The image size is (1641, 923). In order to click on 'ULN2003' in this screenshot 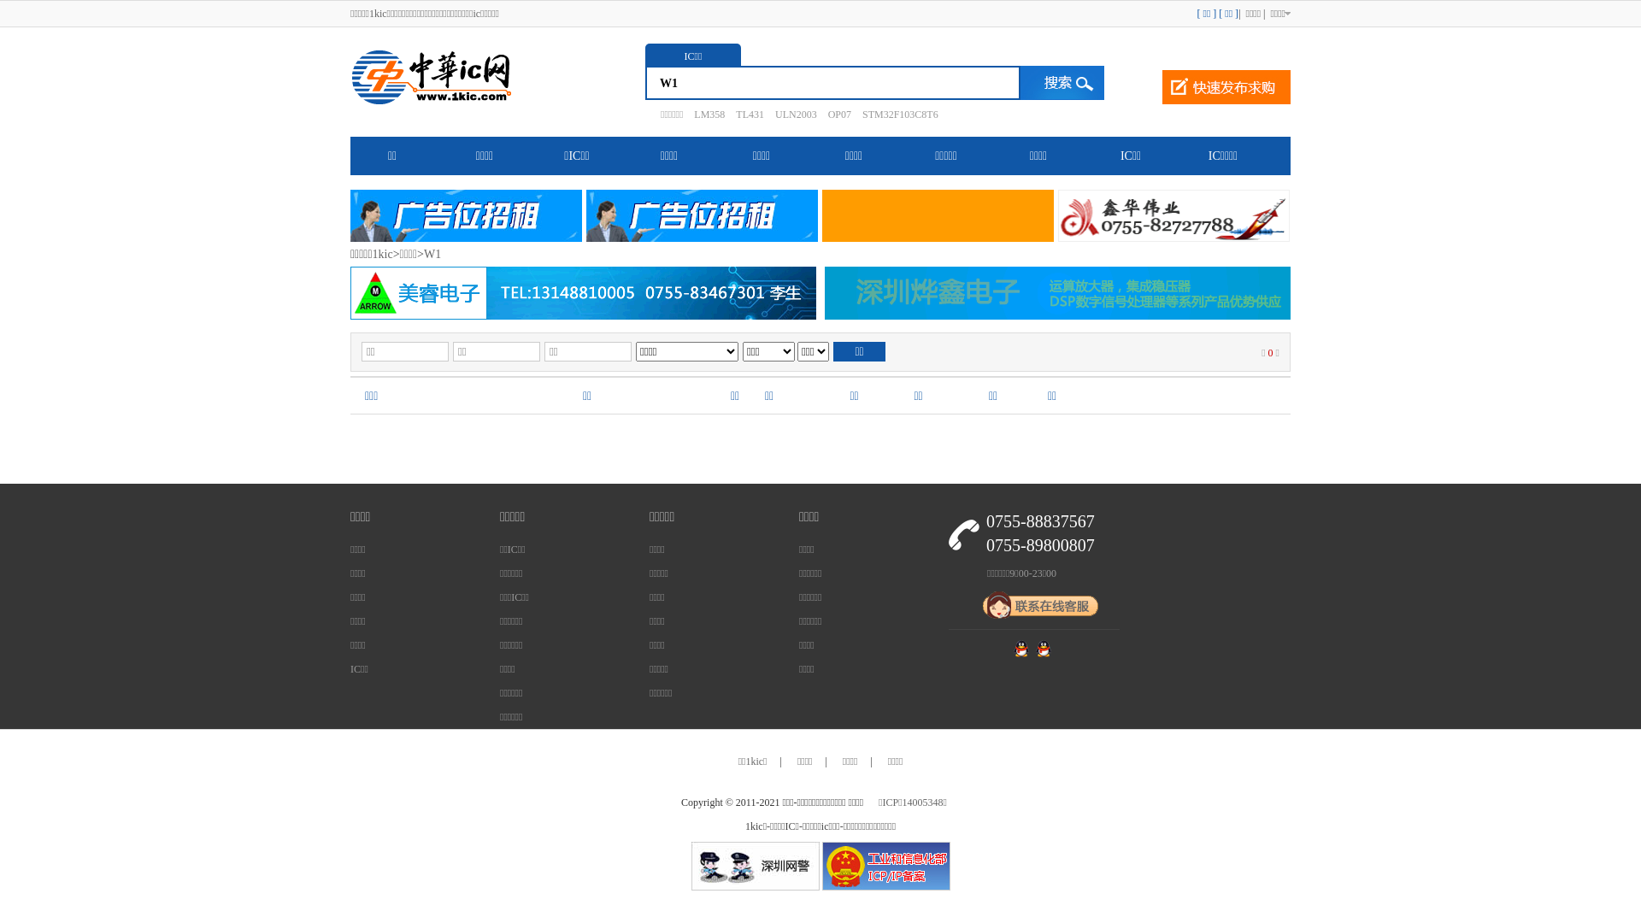, I will do `click(791, 115)`.